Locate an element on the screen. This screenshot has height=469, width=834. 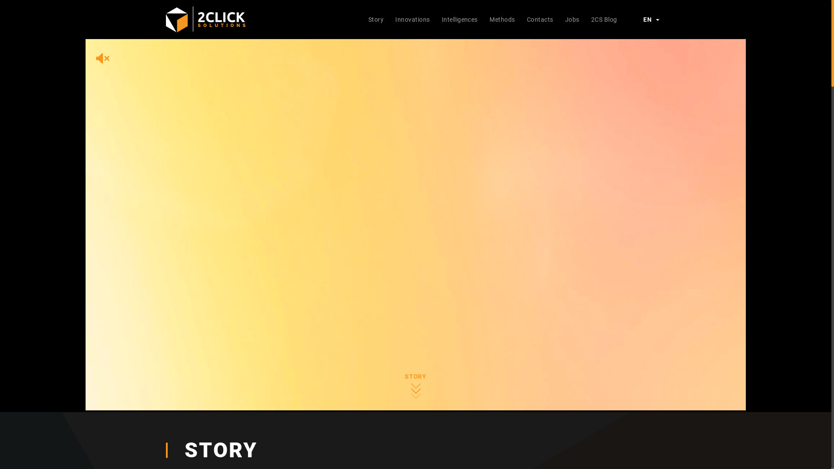
'Contacts' is located at coordinates (521, 19).